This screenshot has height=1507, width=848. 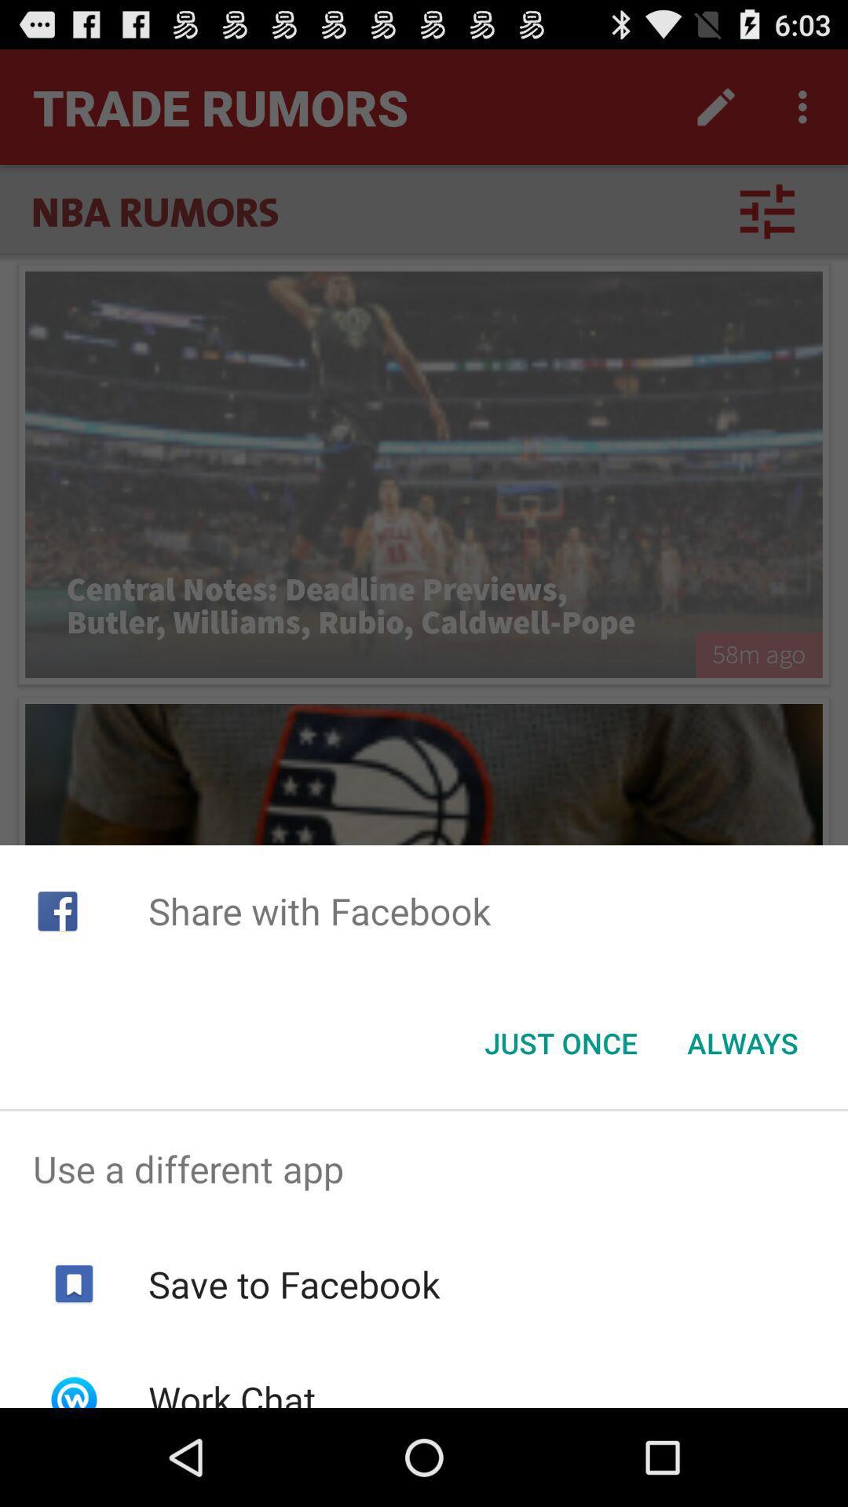 I want to click on icon above save to facebook app, so click(x=424, y=1169).